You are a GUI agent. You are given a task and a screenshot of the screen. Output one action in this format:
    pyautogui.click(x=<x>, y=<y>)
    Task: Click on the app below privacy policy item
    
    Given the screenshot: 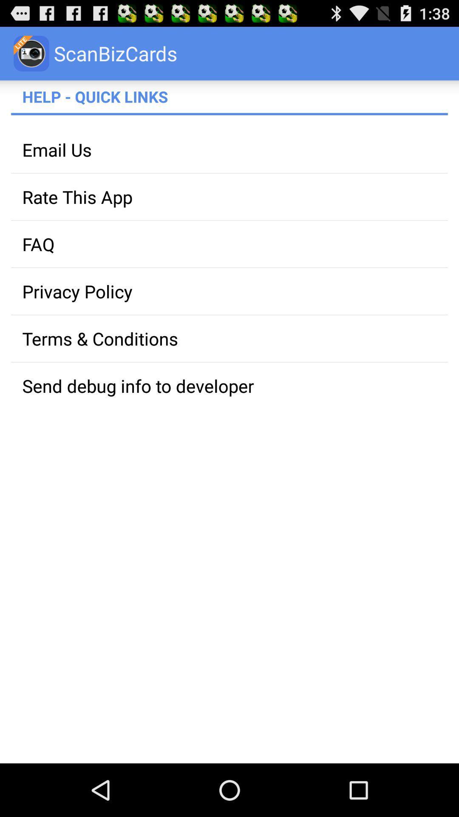 What is the action you would take?
    pyautogui.click(x=229, y=338)
    